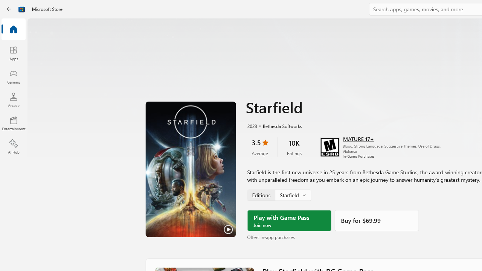 This screenshot has height=271, width=482. I want to click on 'AI Hub', so click(13, 147).